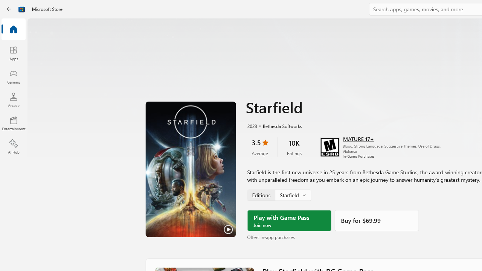 This screenshot has height=271, width=482. I want to click on 'AI Hub', so click(13, 147).